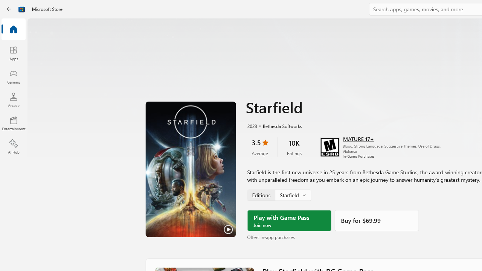 This screenshot has height=271, width=482. I want to click on 'AI Hub', so click(13, 147).